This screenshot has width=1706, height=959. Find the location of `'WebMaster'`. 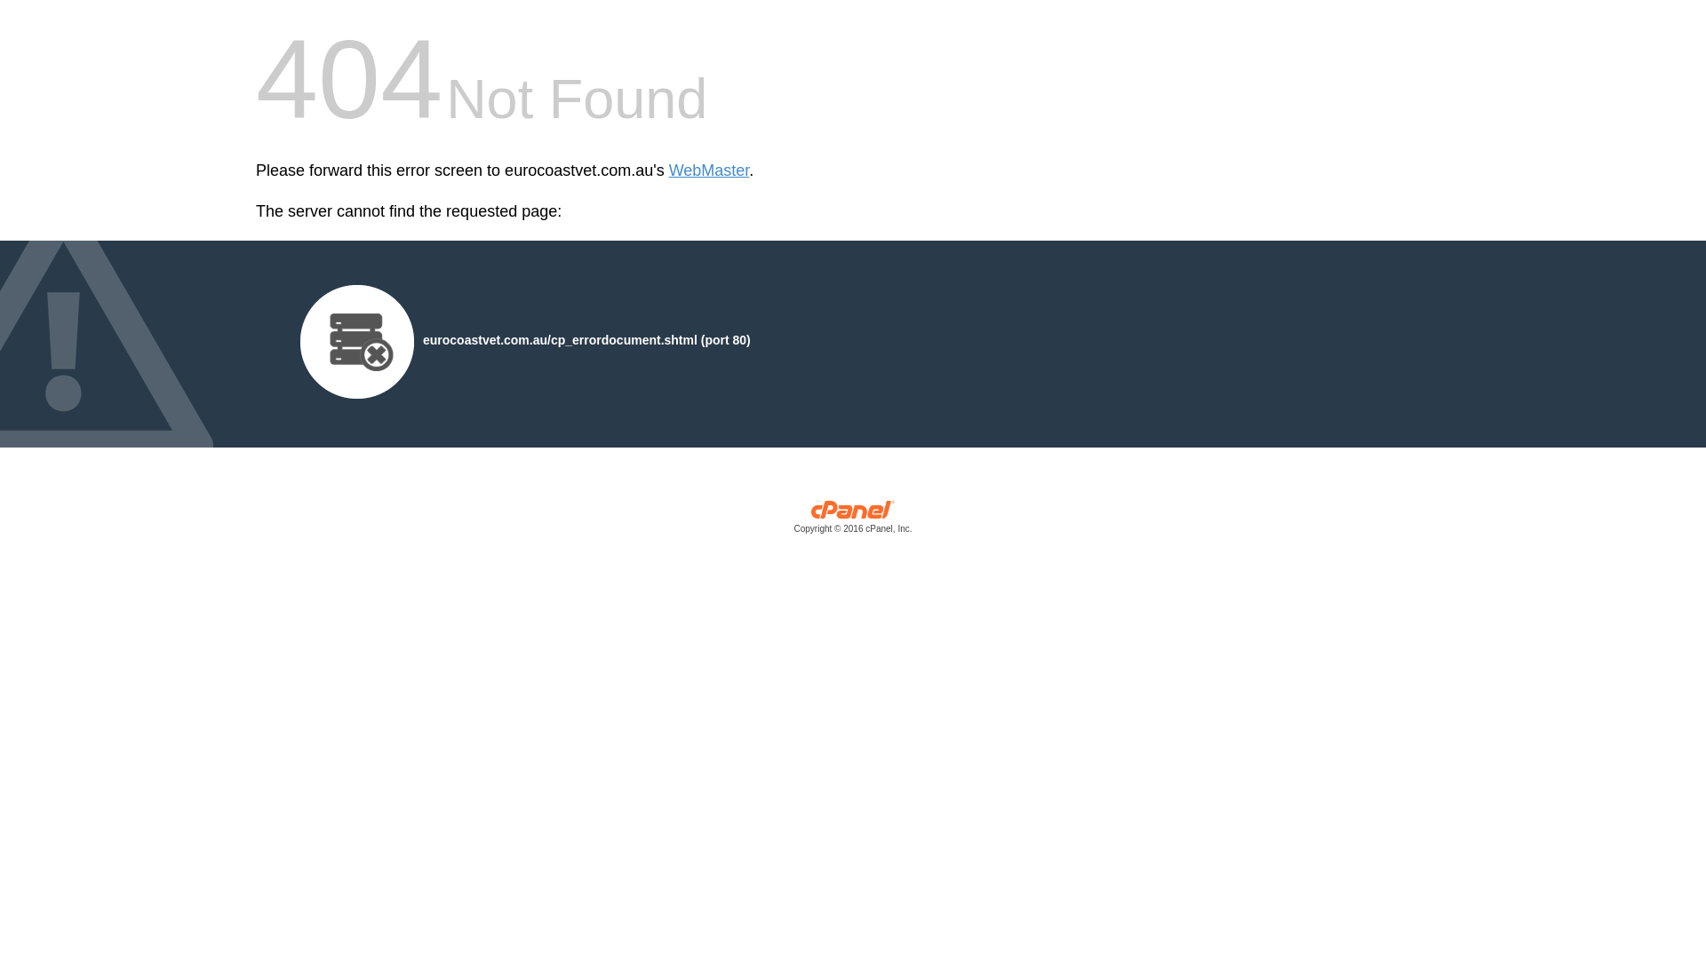

'WebMaster' is located at coordinates (708, 170).